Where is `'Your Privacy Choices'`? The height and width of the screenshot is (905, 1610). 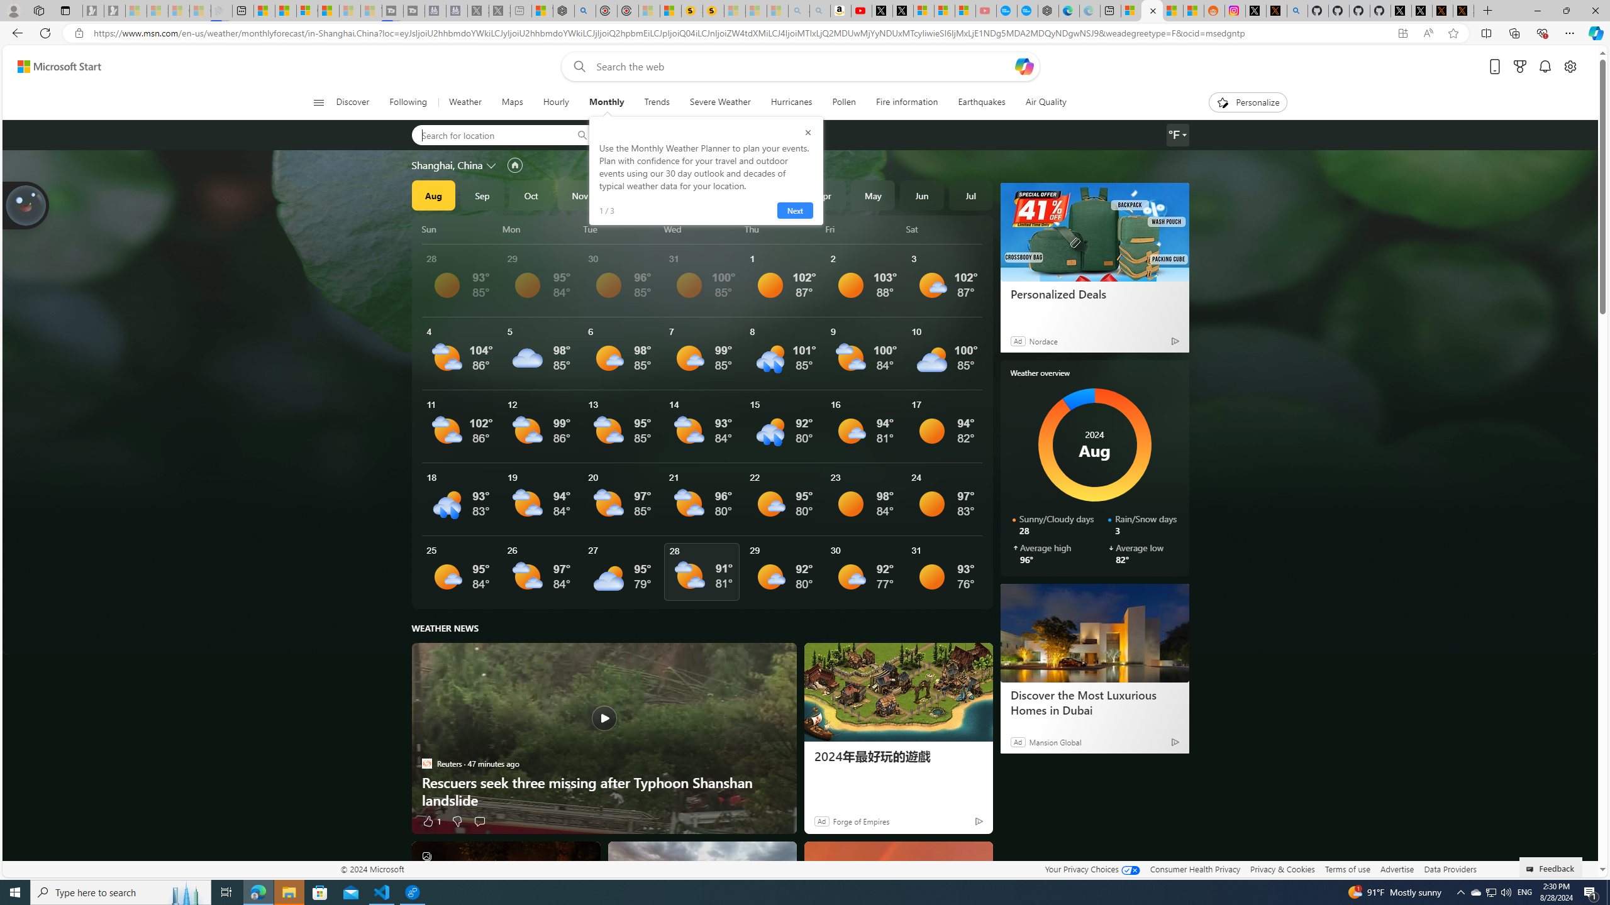
'Your Privacy Choices' is located at coordinates (1092, 869).